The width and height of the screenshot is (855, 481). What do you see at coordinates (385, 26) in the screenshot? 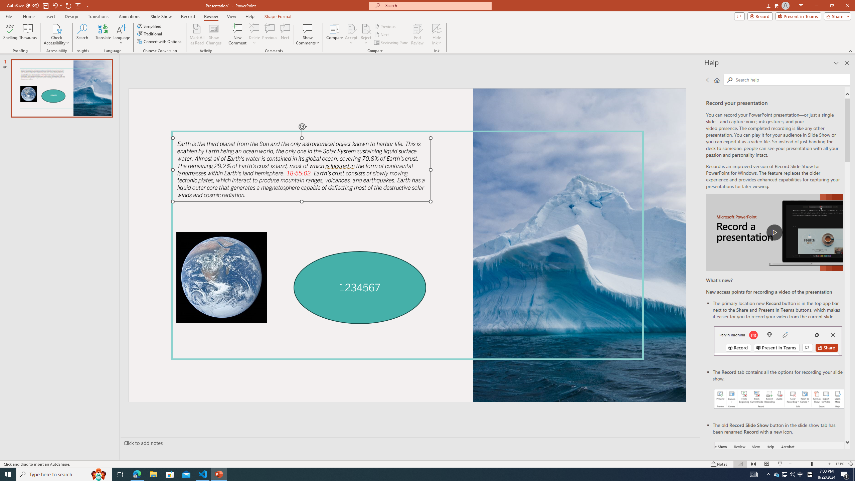
I see `'Previous'` at bounding box center [385, 26].